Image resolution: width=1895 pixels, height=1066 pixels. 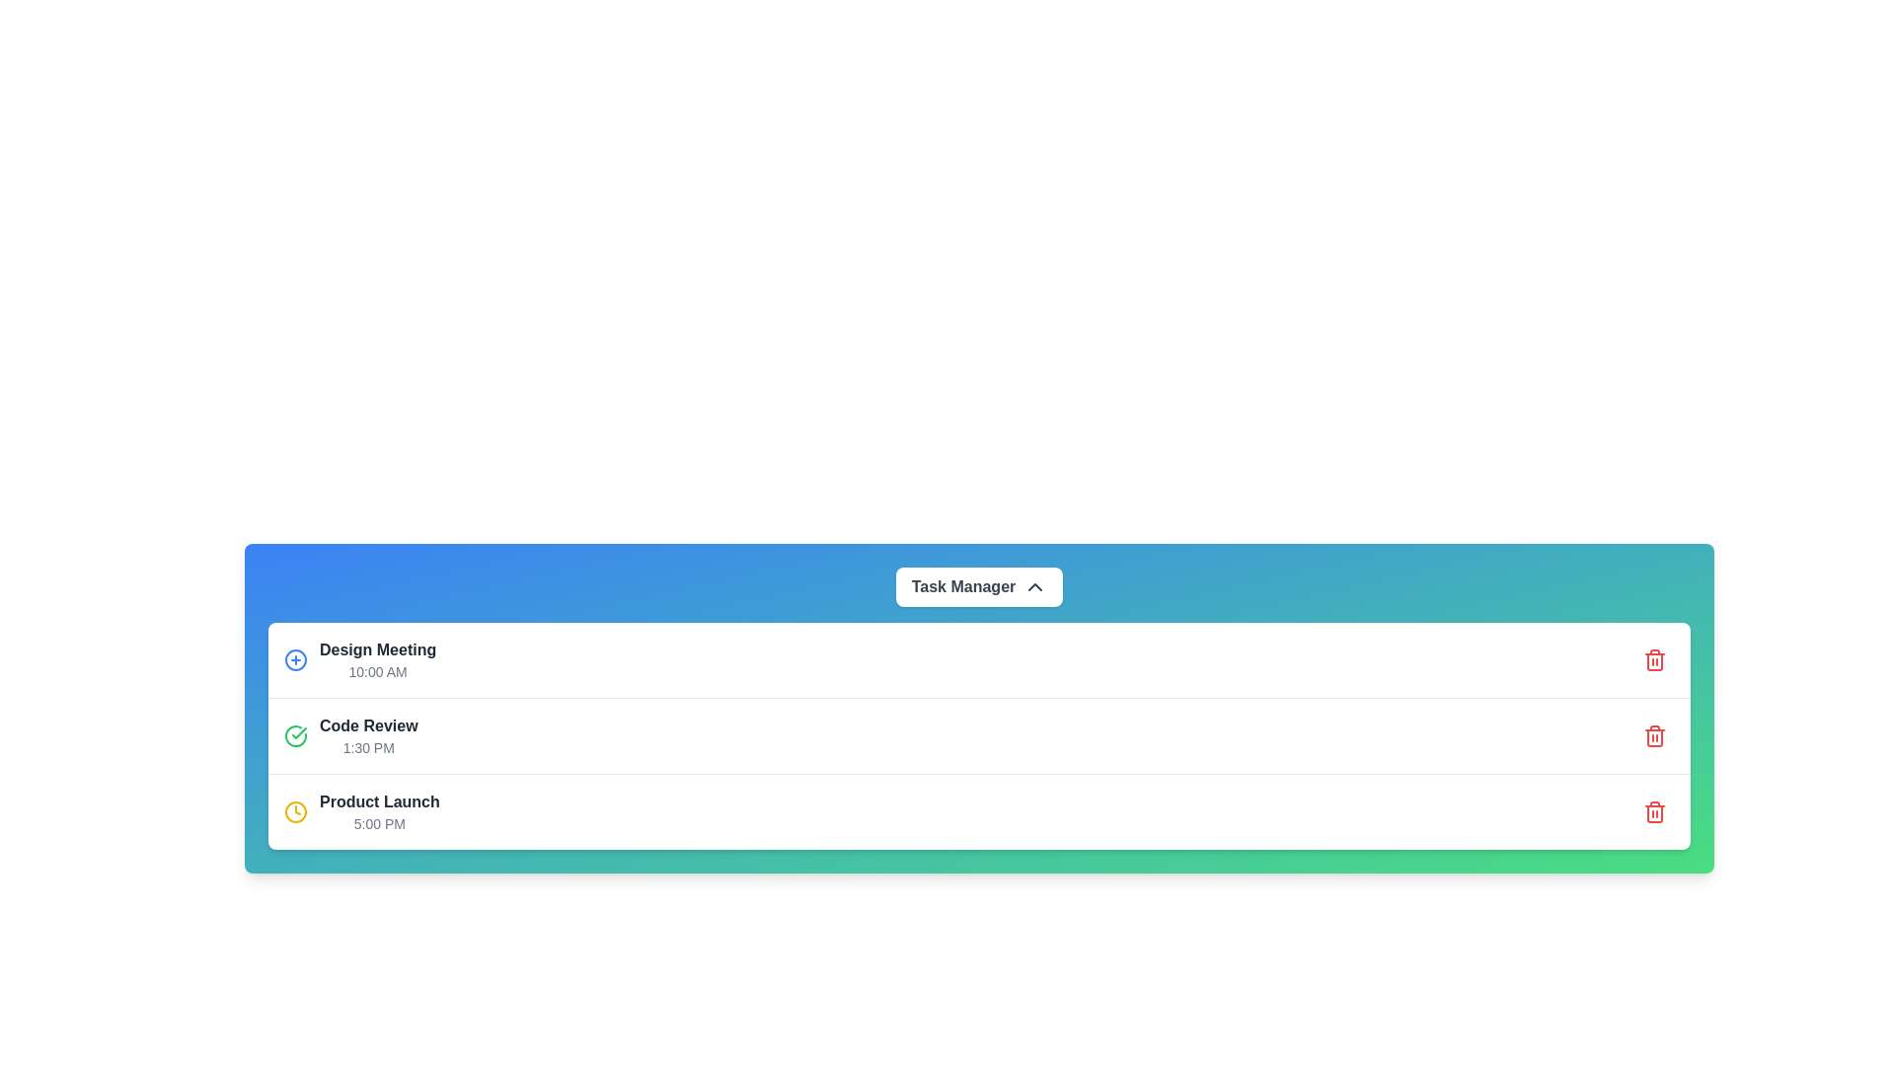 I want to click on the 'Product Launch' text label, which displays the title in bold black font and the time '5:00 PM' in smaller gray font, located as the last item in the Task Manager list, so click(x=379, y=811).